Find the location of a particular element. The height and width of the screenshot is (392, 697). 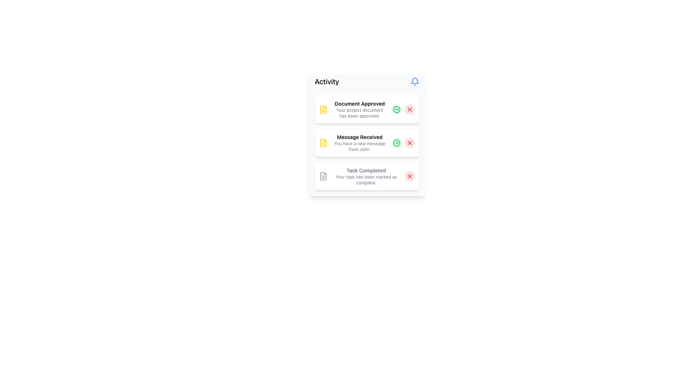

the approval Icon button located on the second row of the 'Activity' component, to the right of the 'Message Received' entry, to confirm or approve the associated item is located at coordinates (396, 143).